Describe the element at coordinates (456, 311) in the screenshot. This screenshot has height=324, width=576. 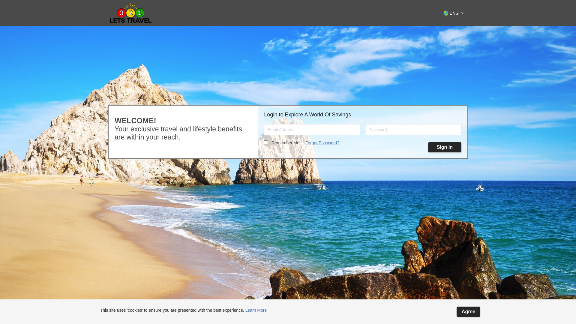
I see `'Agree'` at that location.